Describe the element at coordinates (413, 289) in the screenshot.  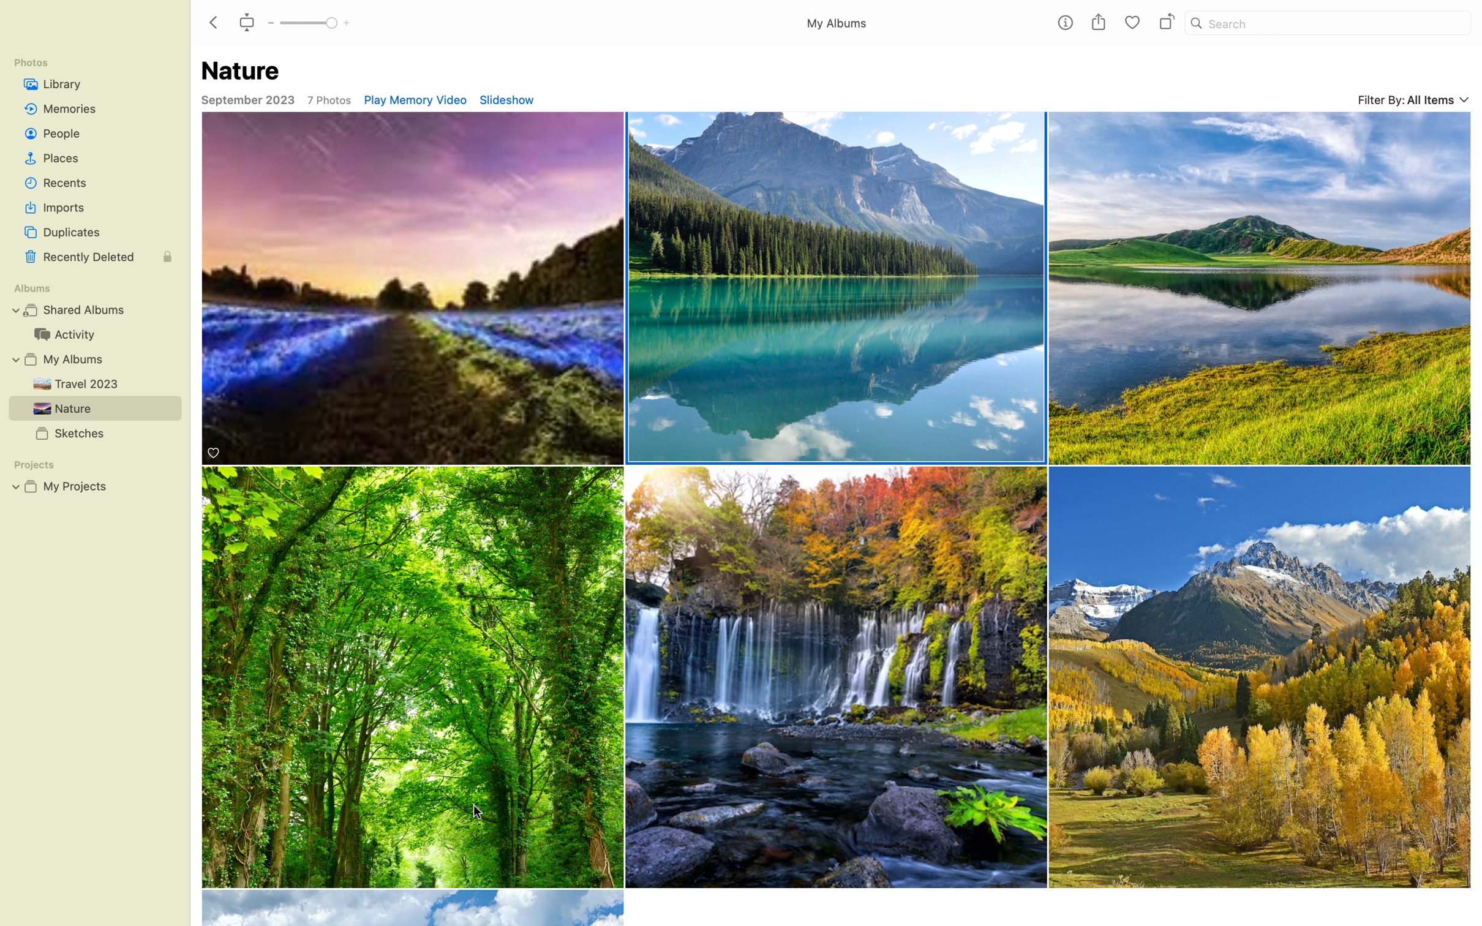
I see `Enlarge the bioluminescence photograph by clicking on it` at that location.